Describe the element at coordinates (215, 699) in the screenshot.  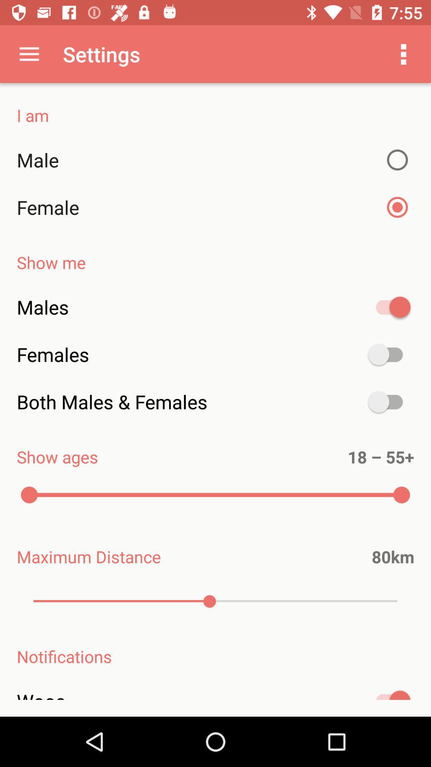
I see `the woos icon` at that location.